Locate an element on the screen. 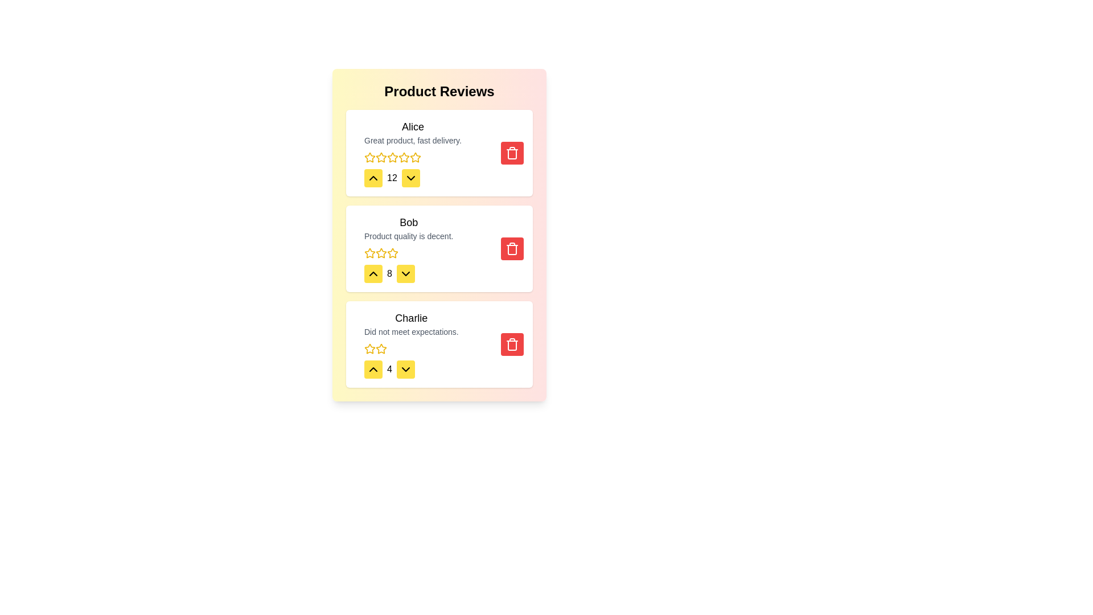 The height and width of the screenshot is (615, 1093). the review text for the review by Bob is located at coordinates (363, 215).